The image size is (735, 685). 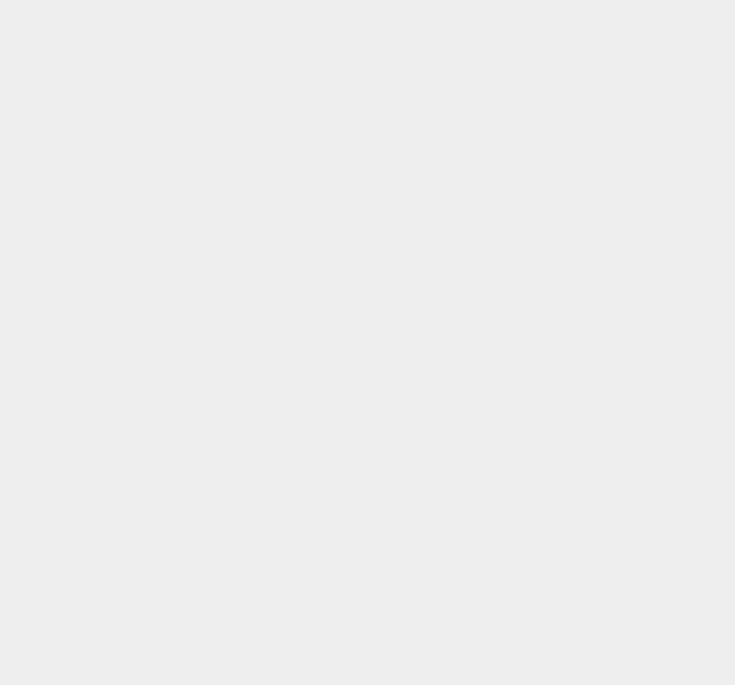 What do you see at coordinates (545, 581) in the screenshot?
I see `'Google Earth'` at bounding box center [545, 581].